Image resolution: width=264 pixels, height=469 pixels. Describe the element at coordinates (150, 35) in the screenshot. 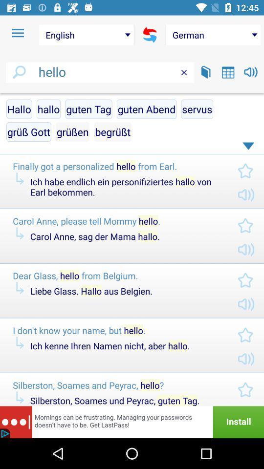

I see `swap translation languages` at that location.